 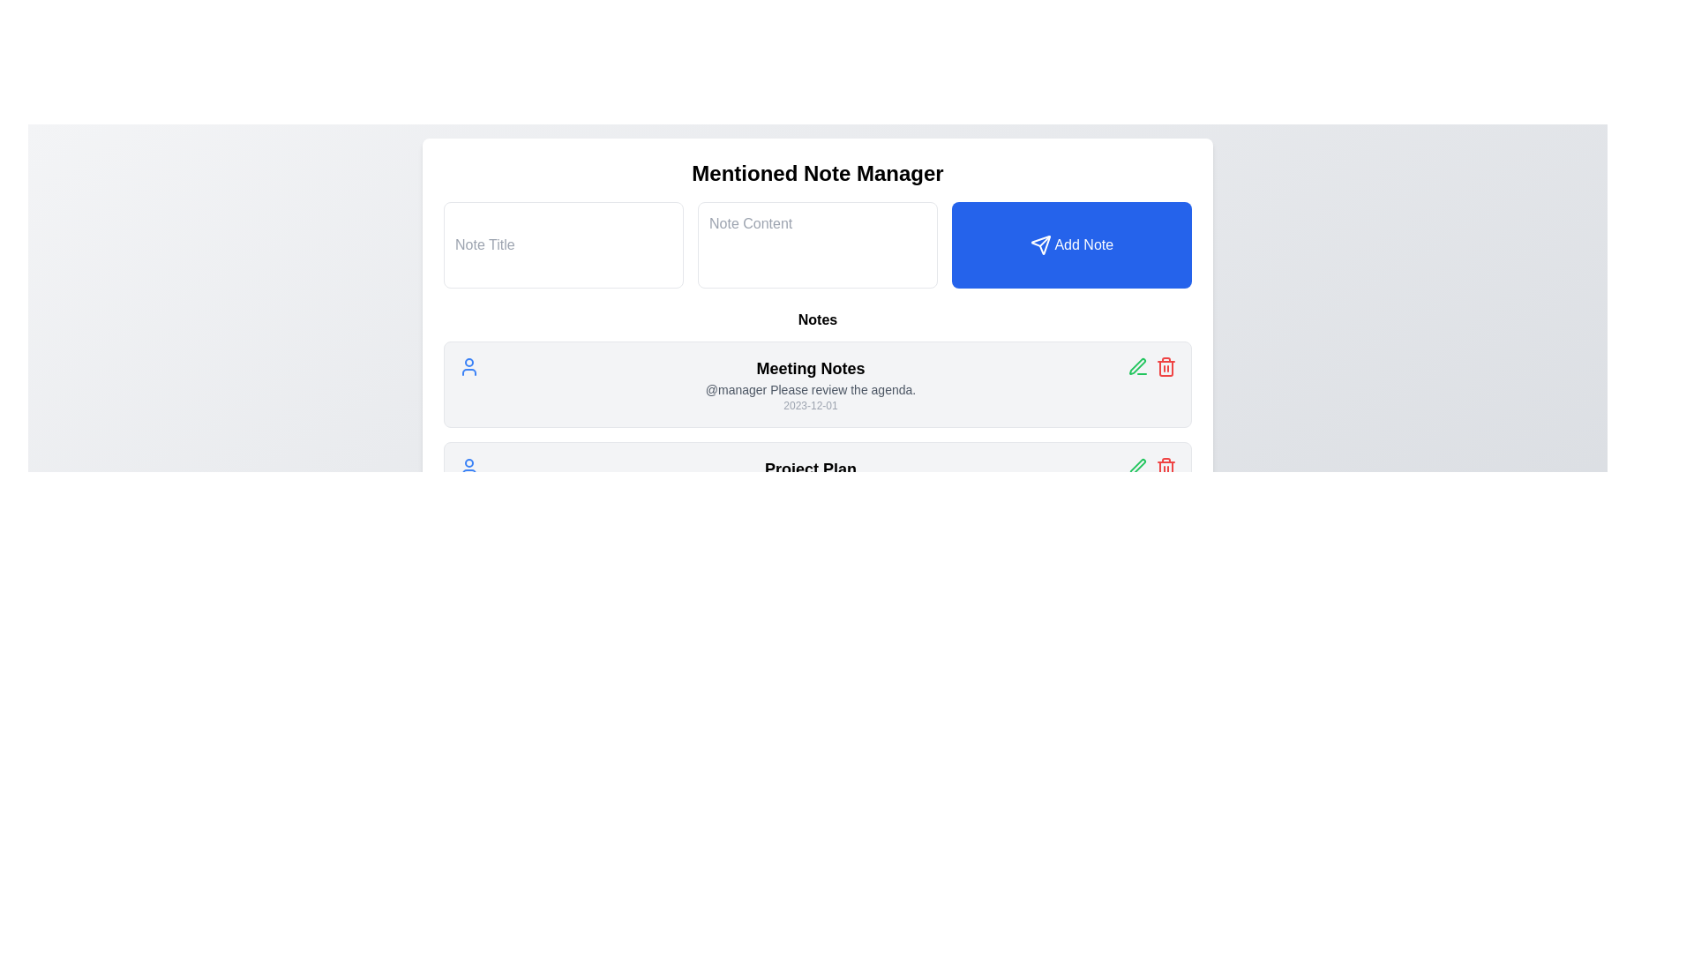 I want to click on the user icon represented by a blue outline within the 'Meeting Notes' card, located to the left of the text '@manager Please review the agenda. 2023-12-01', so click(x=469, y=366).